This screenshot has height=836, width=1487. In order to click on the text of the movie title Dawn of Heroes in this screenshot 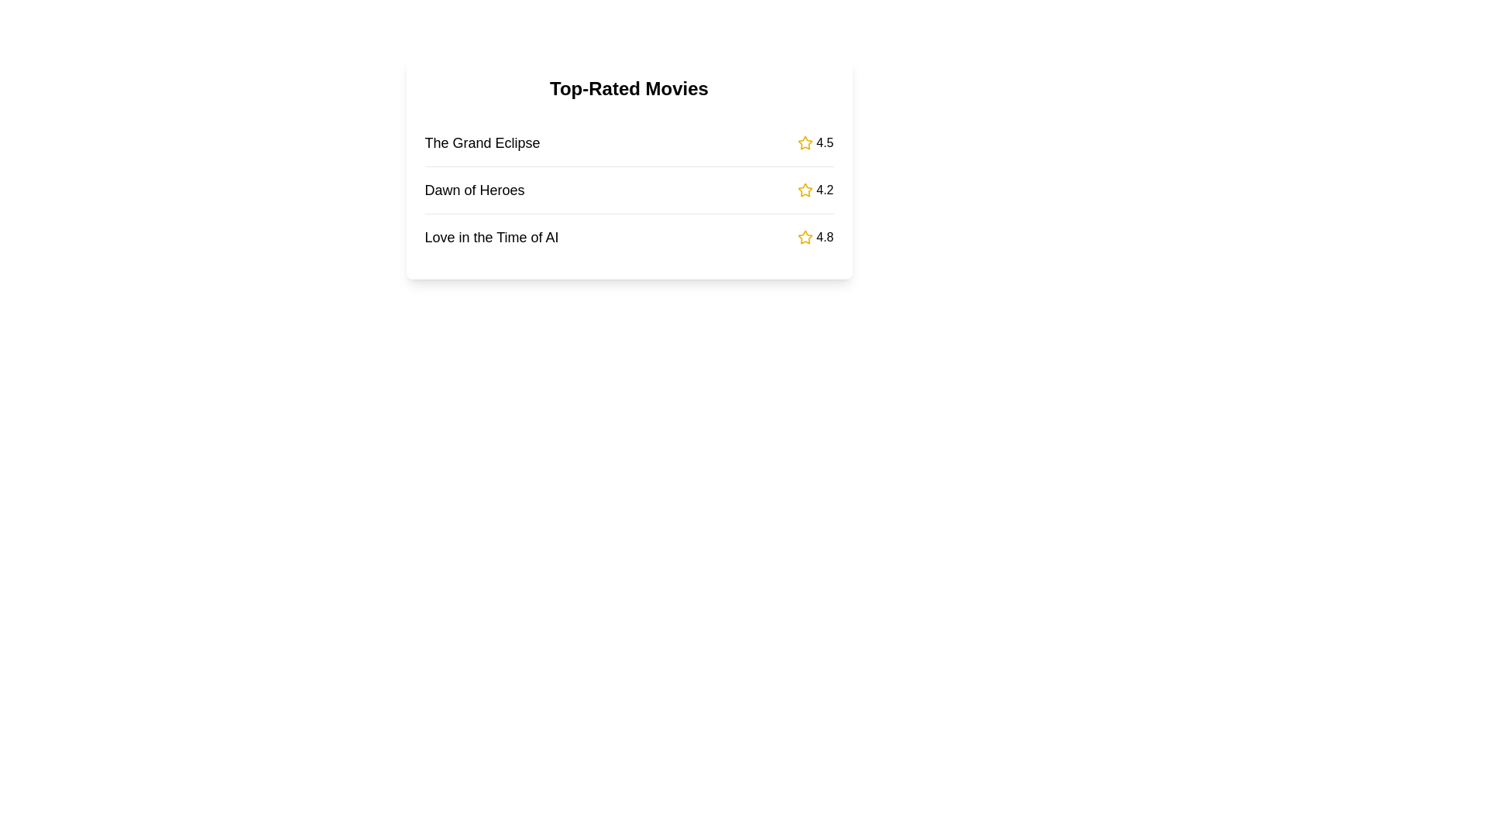, I will do `click(474, 190)`.